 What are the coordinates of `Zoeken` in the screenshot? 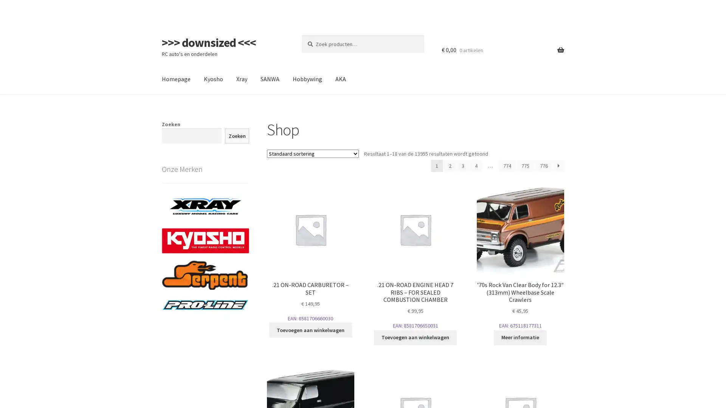 It's located at (301, 35).